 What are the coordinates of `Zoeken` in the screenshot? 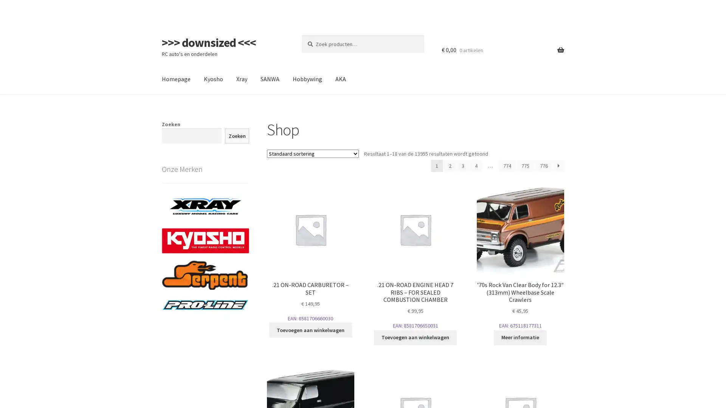 It's located at (301, 35).